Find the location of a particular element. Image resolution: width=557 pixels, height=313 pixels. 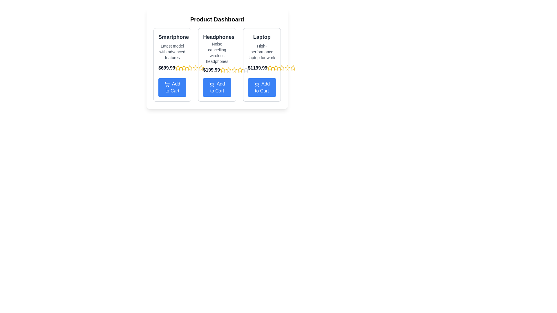

the shopping cart icon within the 'Add to Cart' blue button for potential visual feedback is located at coordinates (167, 84).